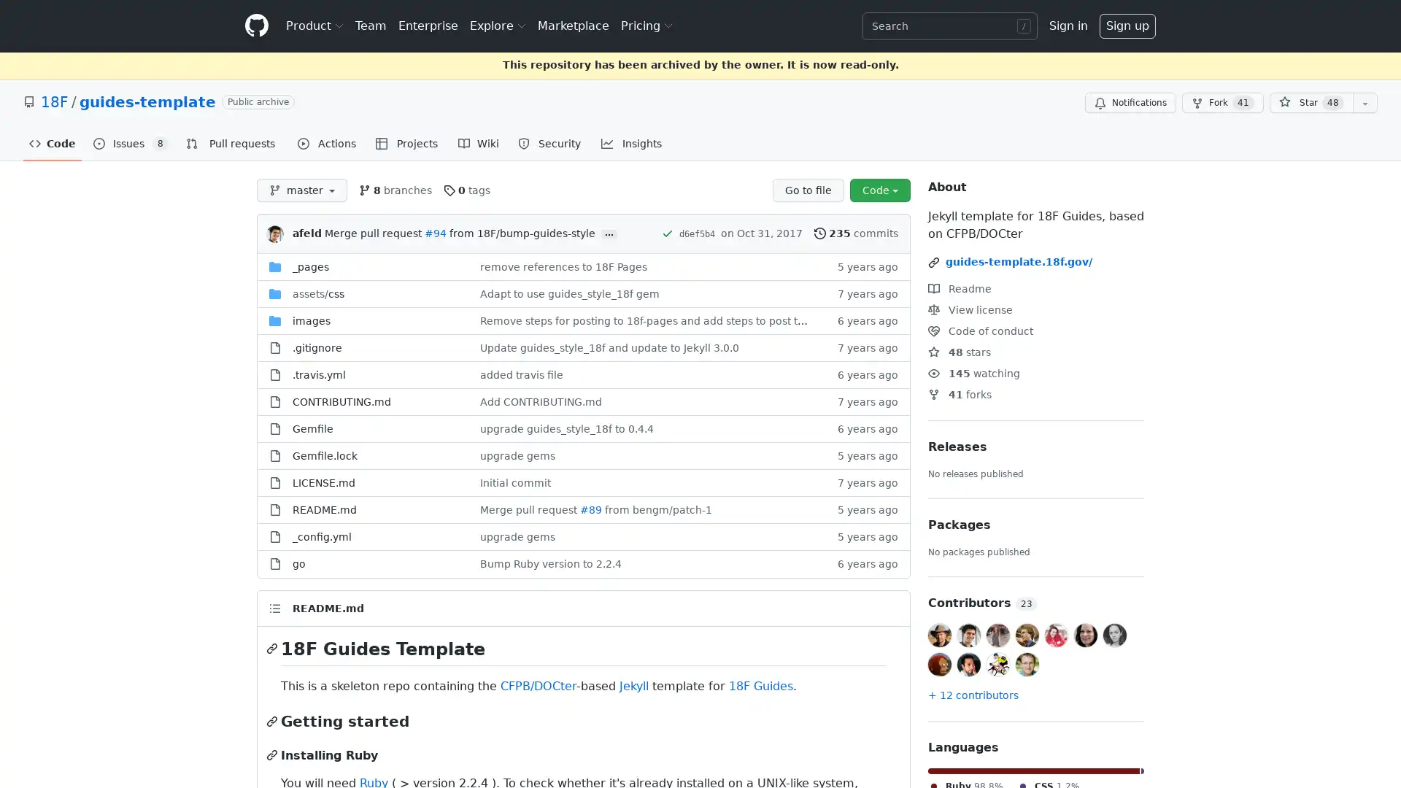 The width and height of the screenshot is (1401, 788). Describe the element at coordinates (609, 233) in the screenshot. I see `...` at that location.